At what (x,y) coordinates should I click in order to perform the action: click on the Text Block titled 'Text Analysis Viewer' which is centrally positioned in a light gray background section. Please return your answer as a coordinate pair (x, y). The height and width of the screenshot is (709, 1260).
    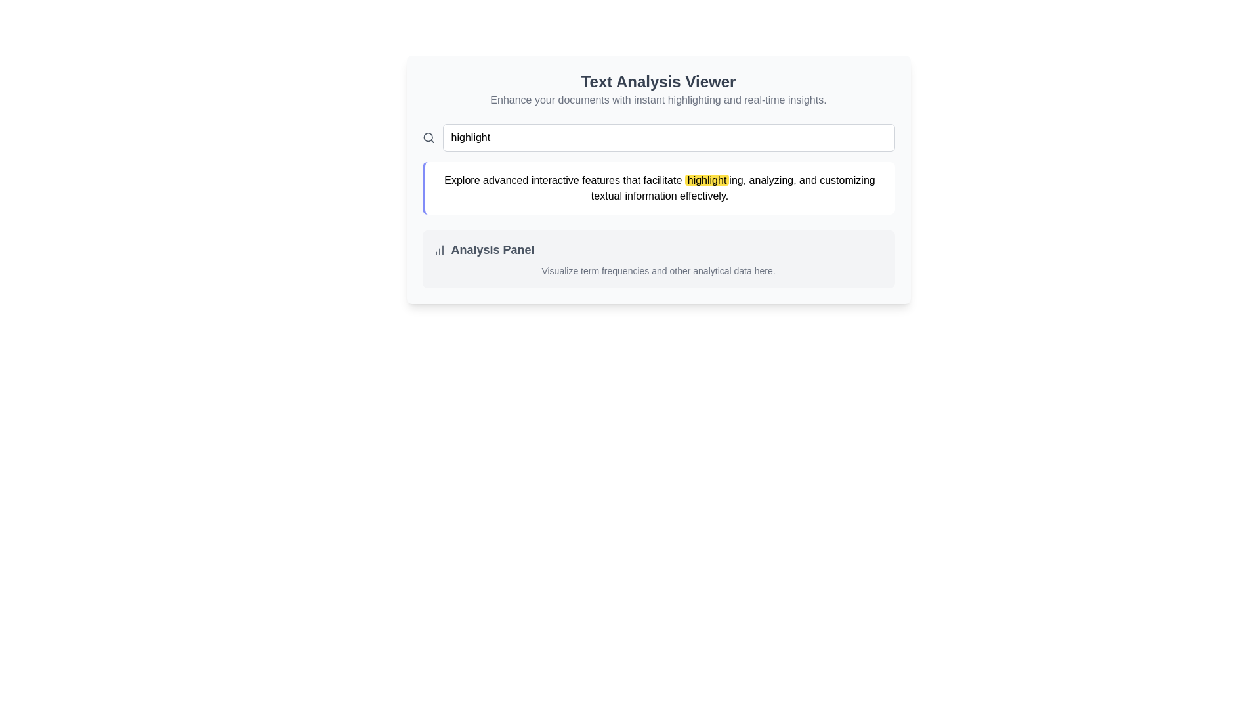
    Looking at the image, I should click on (658, 89).